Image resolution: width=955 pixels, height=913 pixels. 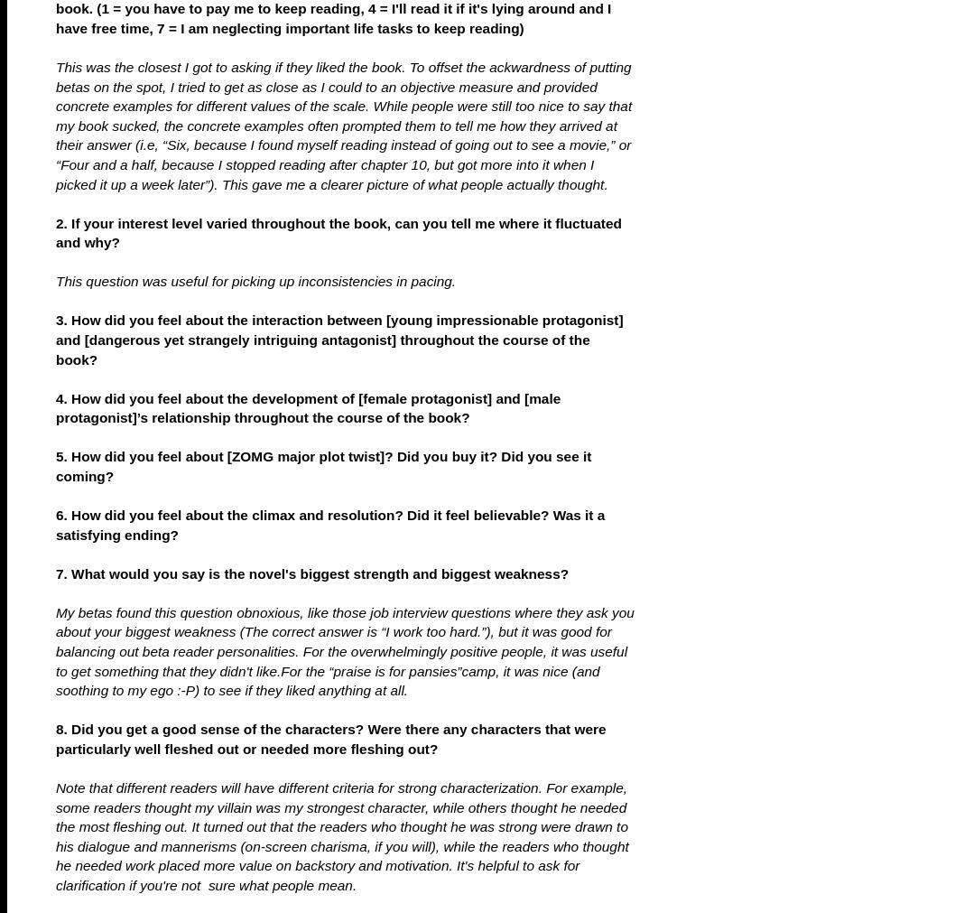 What do you see at coordinates (255, 281) in the screenshot?
I see `'This question was useful for picking up inconsistencies in pacing.'` at bounding box center [255, 281].